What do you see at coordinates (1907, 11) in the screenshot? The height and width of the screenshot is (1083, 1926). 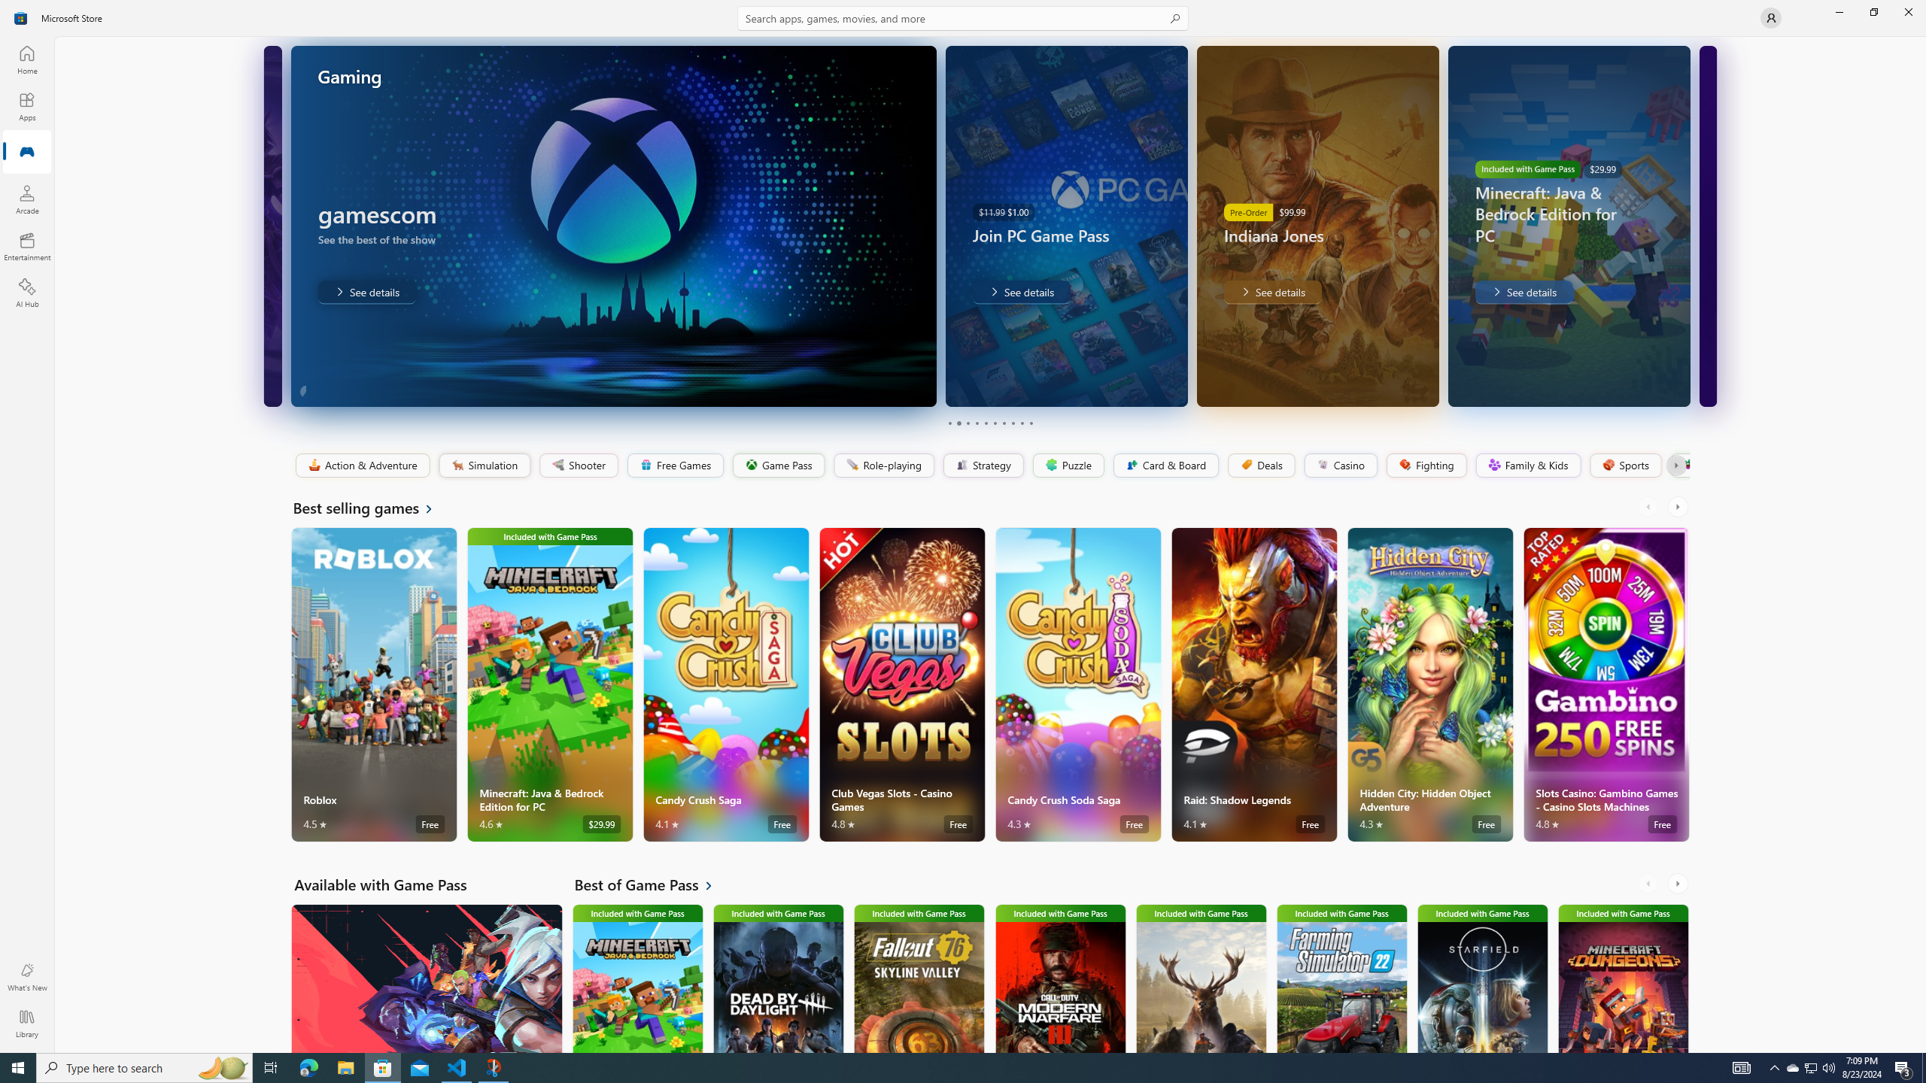 I see `'Close Microsoft Store'` at bounding box center [1907, 11].